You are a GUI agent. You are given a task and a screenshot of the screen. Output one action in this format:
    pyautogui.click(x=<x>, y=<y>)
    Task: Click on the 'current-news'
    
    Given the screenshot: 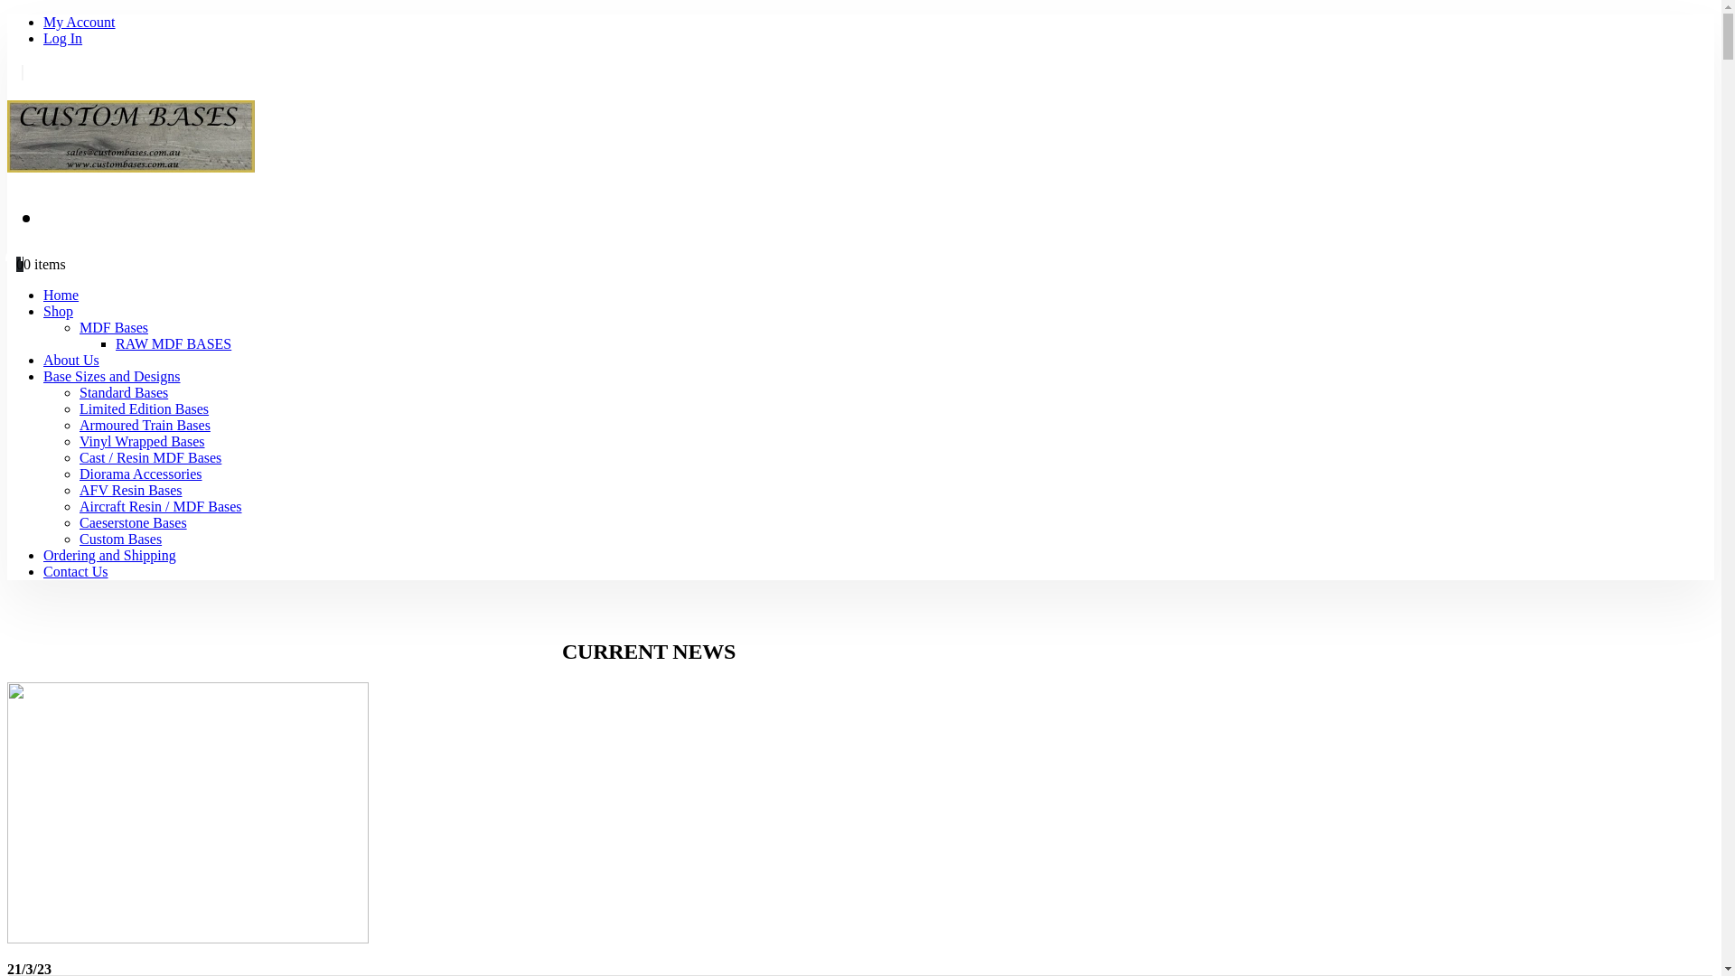 What is the action you would take?
    pyautogui.click(x=187, y=812)
    